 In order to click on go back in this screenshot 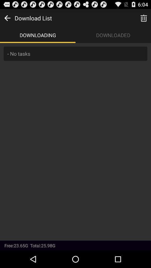, I will do `click(7, 18)`.